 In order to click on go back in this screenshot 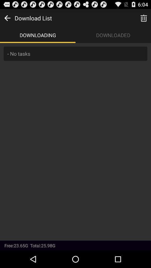, I will do `click(7, 18)`.